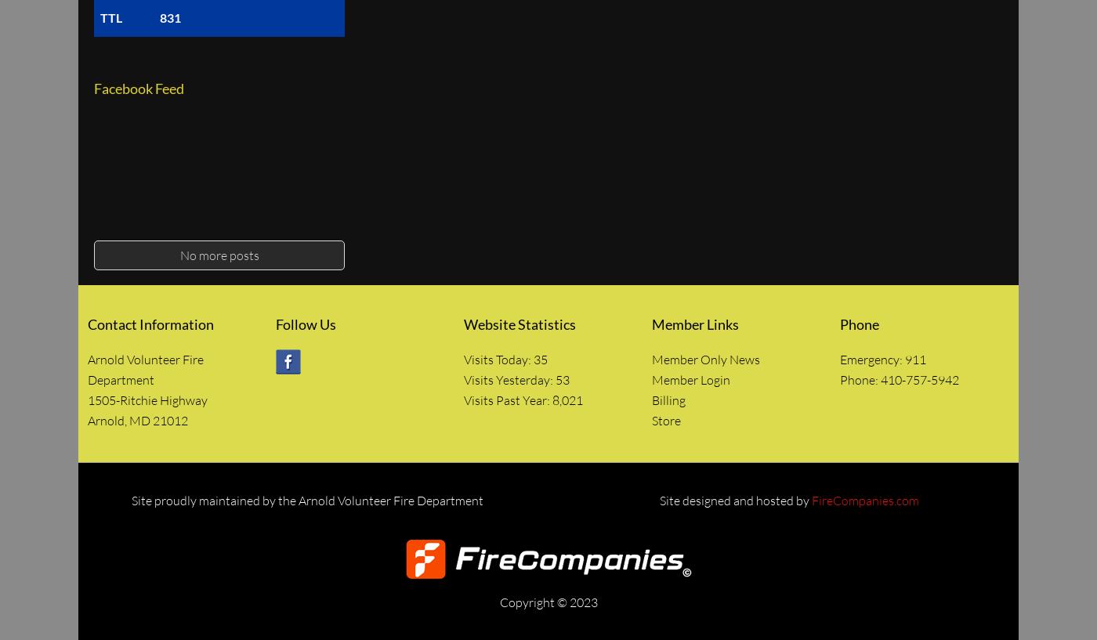 This screenshot has width=1097, height=640. Describe the element at coordinates (900, 378) in the screenshot. I see `'Phone: 410-757-5942'` at that location.